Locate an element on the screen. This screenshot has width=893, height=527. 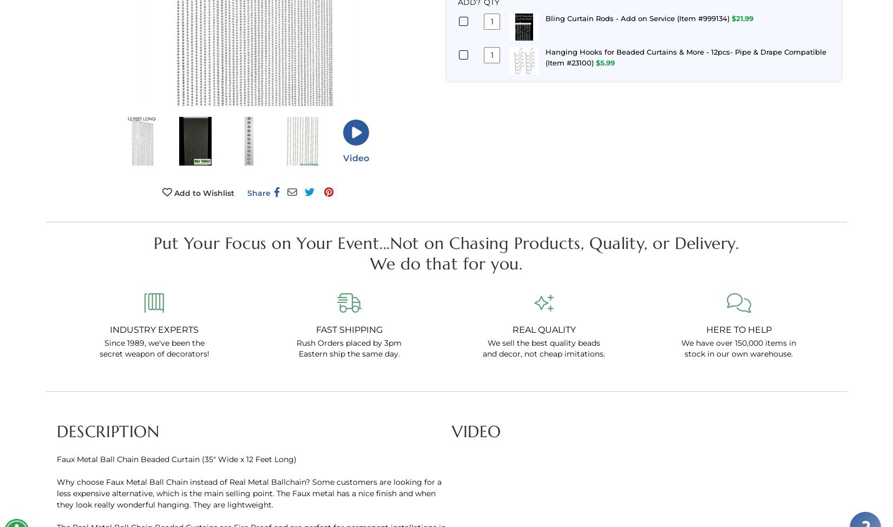
'Fast Shipping' is located at coordinates (348, 329).